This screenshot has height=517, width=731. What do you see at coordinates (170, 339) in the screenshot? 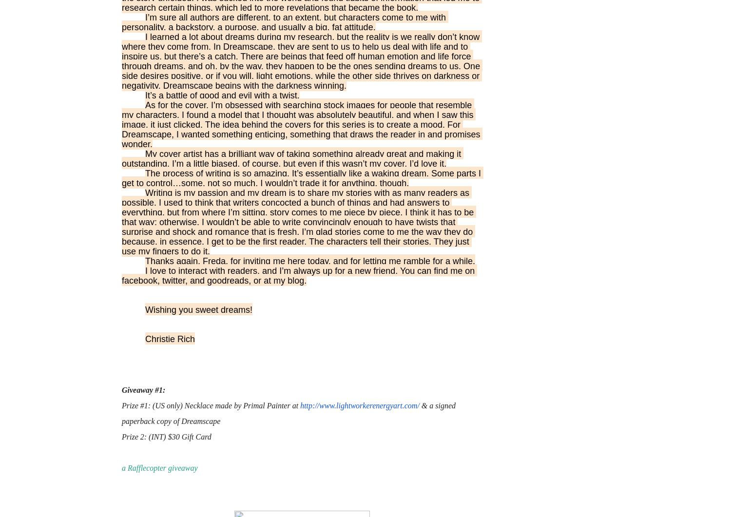
I see `'Christie Rich'` at bounding box center [170, 339].